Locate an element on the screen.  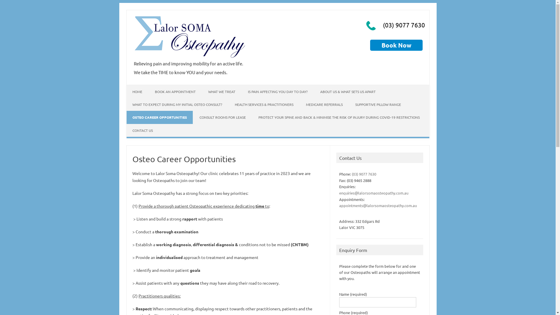
'MEDICARE REFERRALS' is located at coordinates (323, 104).